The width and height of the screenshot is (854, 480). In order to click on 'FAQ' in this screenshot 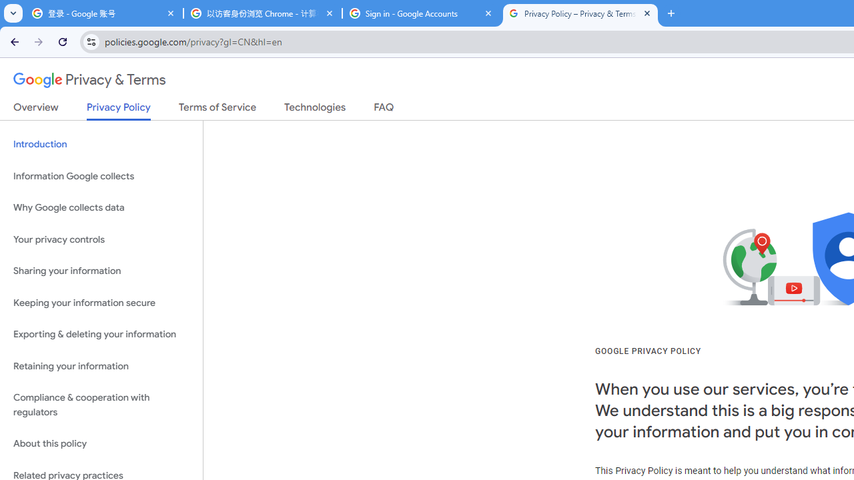, I will do `click(384, 109)`.